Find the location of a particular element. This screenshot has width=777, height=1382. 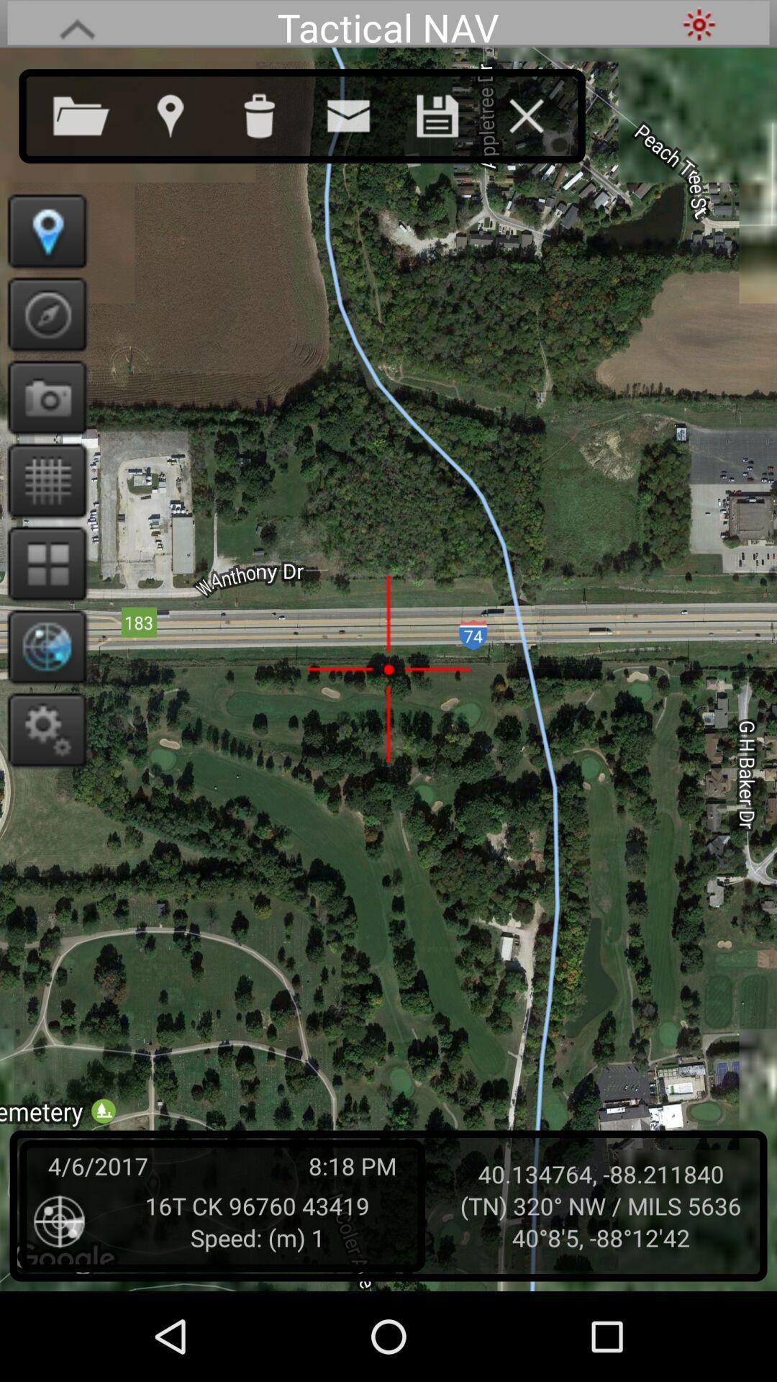

the email icon is located at coordinates (362, 121).